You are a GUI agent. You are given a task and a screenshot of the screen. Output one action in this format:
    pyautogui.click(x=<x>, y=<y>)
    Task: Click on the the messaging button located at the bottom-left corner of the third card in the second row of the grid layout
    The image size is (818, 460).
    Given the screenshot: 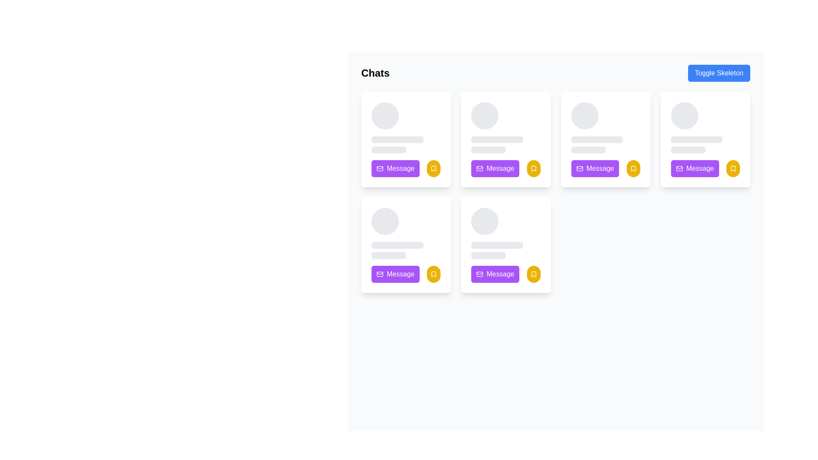 What is the action you would take?
    pyautogui.click(x=395, y=169)
    